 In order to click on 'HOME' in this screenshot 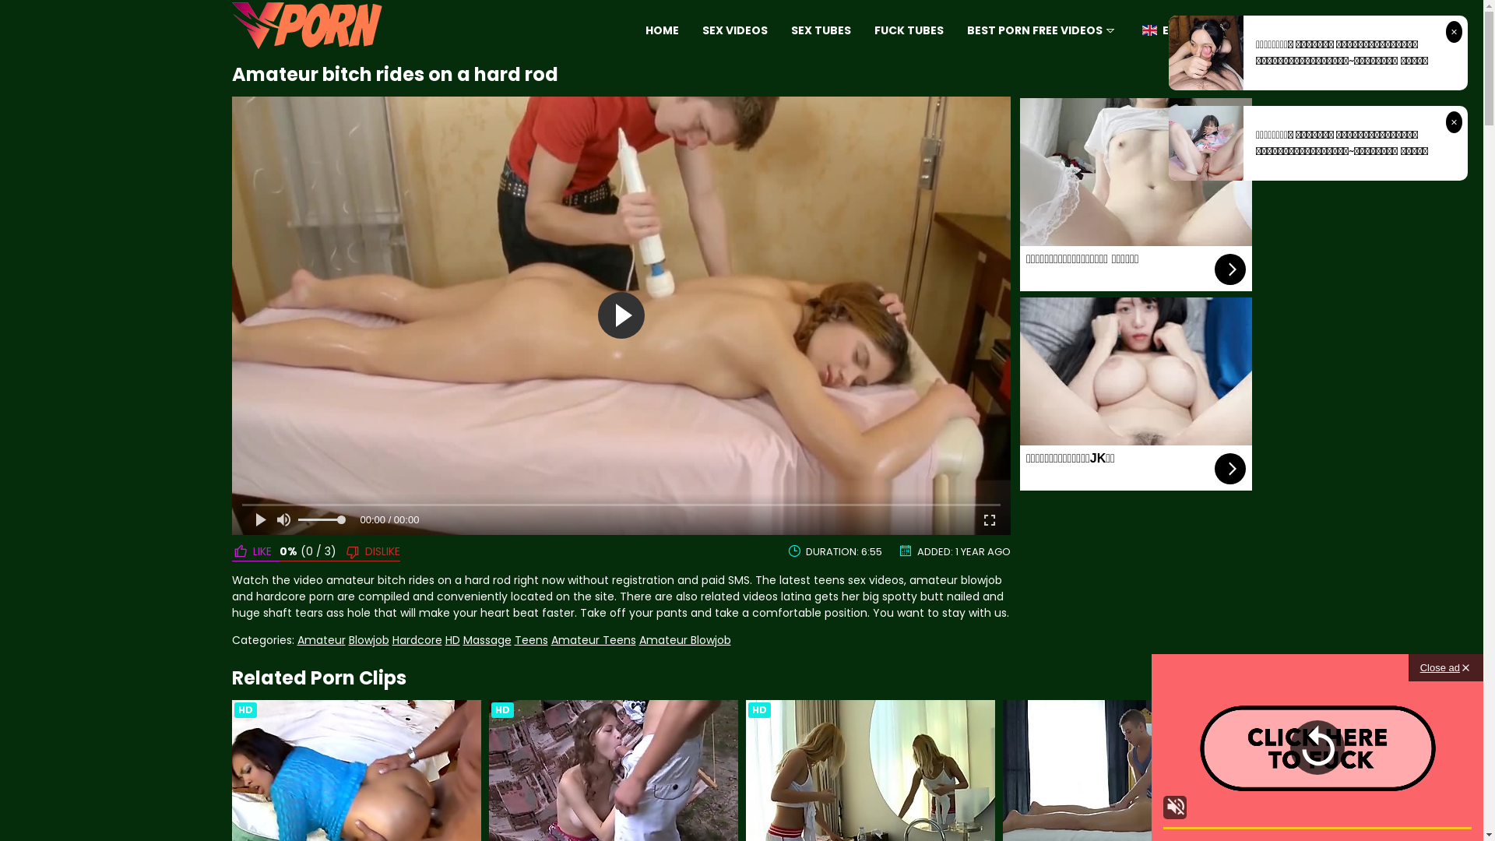, I will do `click(662, 30)`.